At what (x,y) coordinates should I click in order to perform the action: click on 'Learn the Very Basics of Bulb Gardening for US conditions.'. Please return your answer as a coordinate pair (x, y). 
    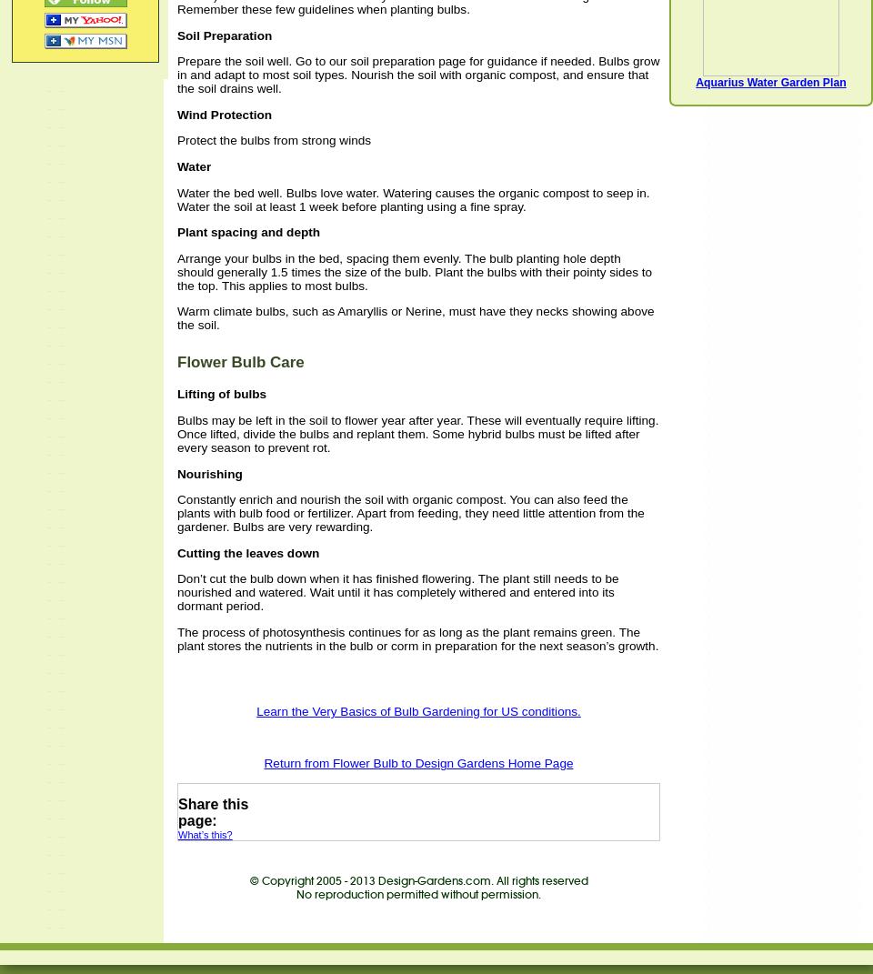
    Looking at the image, I should click on (418, 710).